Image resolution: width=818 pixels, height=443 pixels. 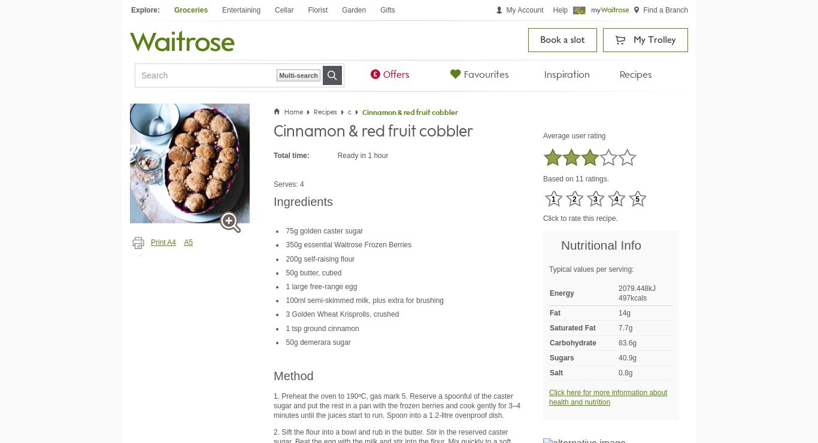 What do you see at coordinates (486, 75) in the screenshot?
I see `'Favourites'` at bounding box center [486, 75].